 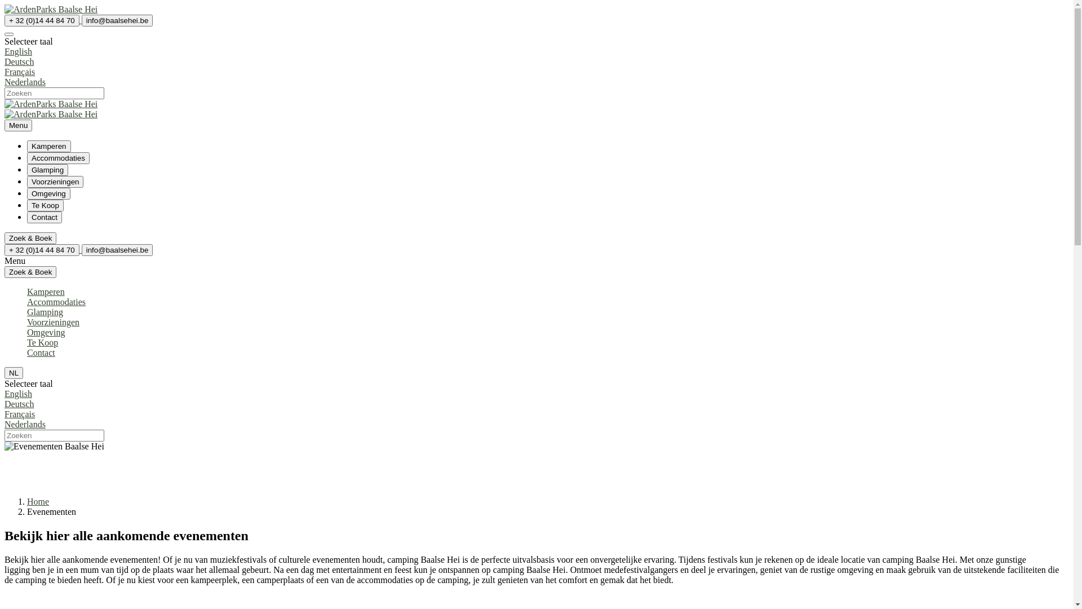 What do you see at coordinates (41, 352) in the screenshot?
I see `'Contact'` at bounding box center [41, 352].